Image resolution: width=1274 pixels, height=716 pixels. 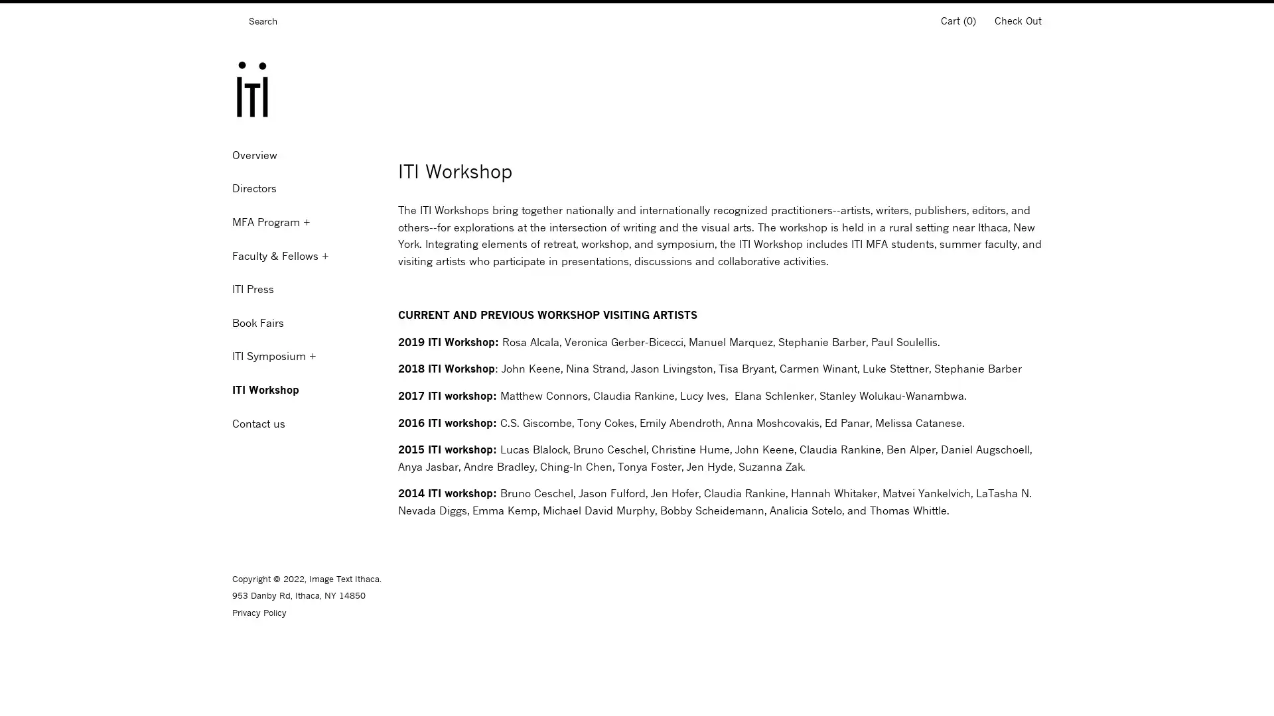 I want to click on MFA Program, so click(x=305, y=221).